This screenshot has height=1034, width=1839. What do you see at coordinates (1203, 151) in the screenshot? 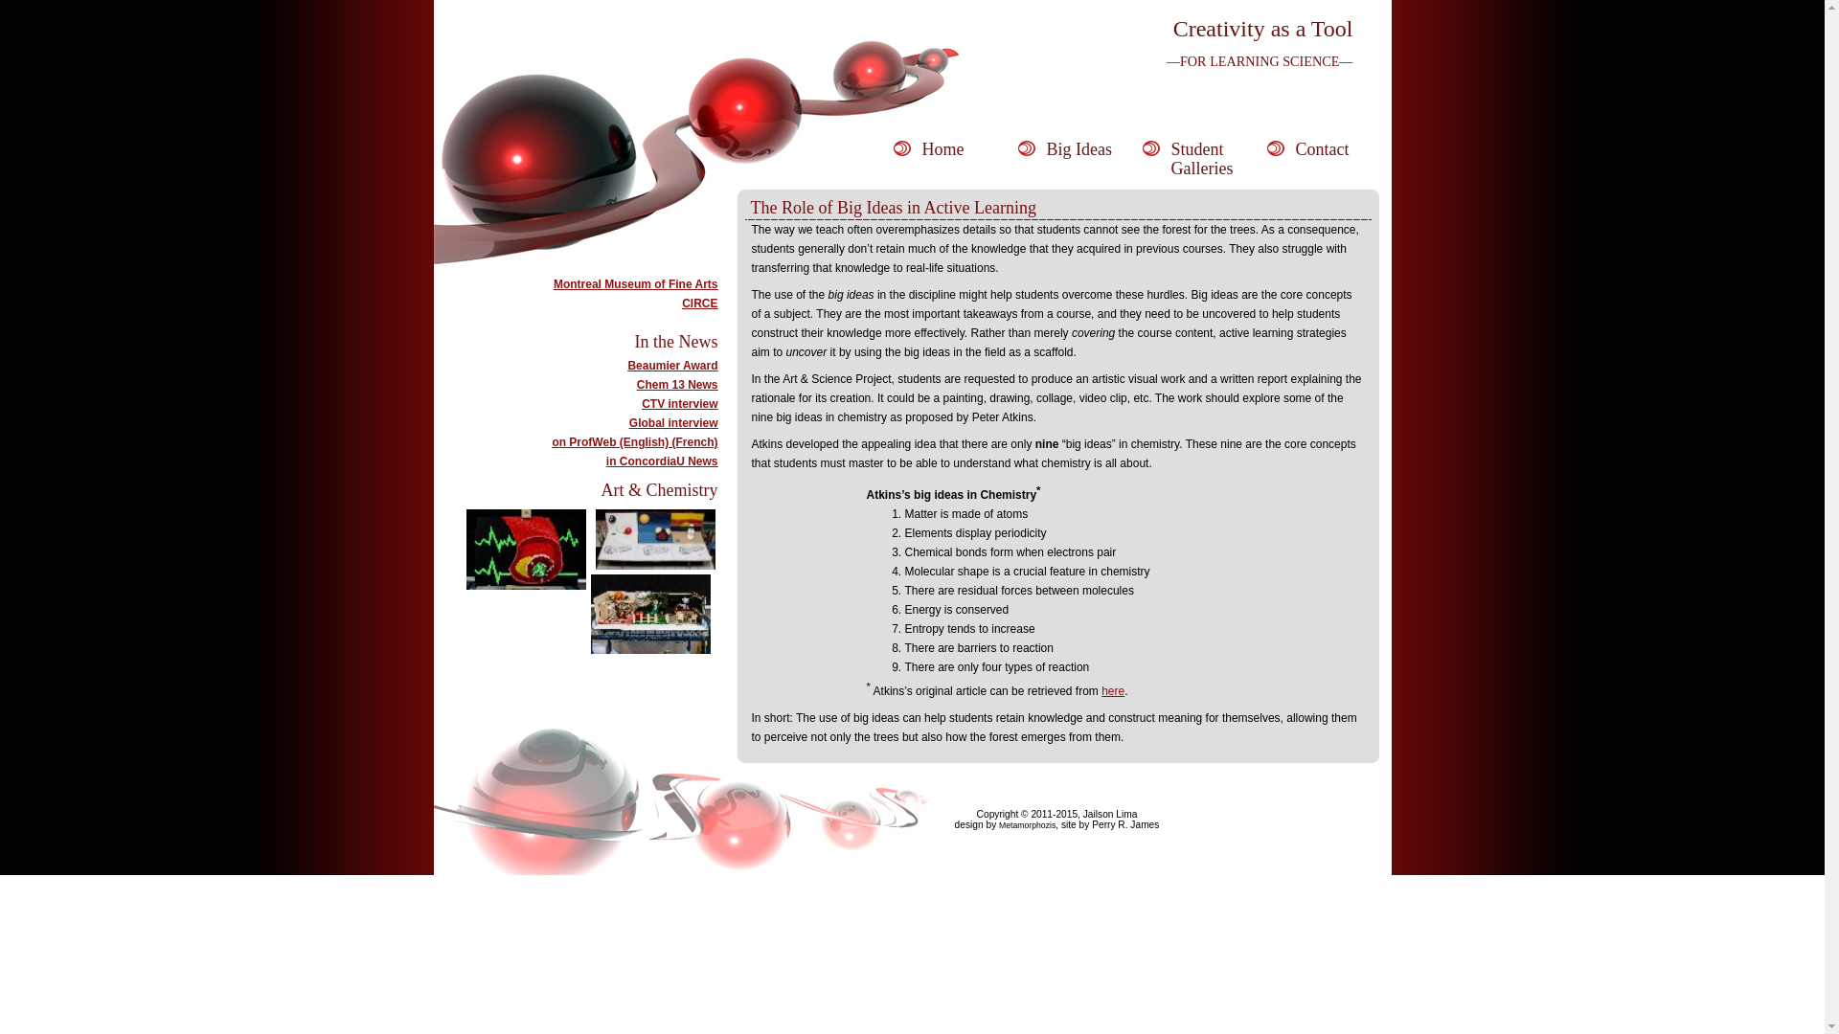
I see `'Student Galleries'` at bounding box center [1203, 151].